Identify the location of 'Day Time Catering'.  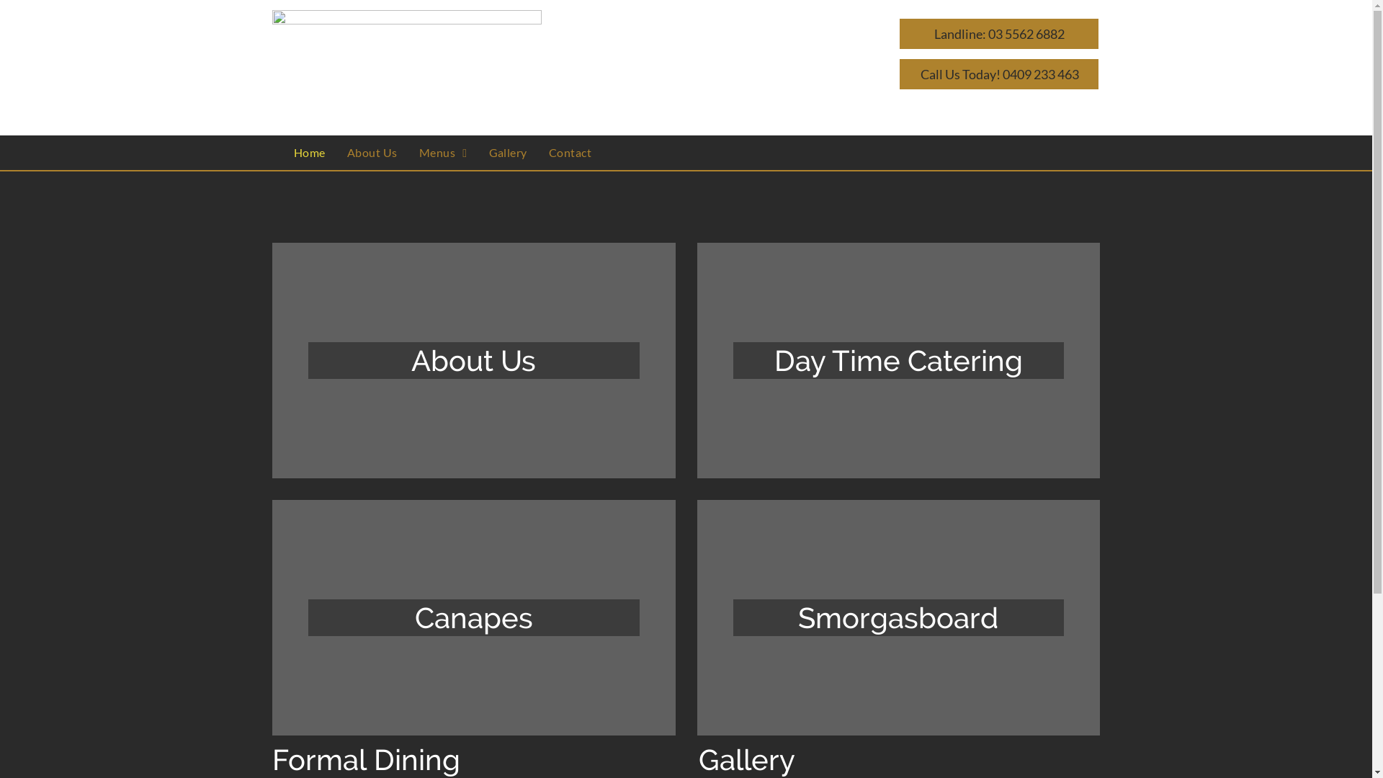
(898, 359).